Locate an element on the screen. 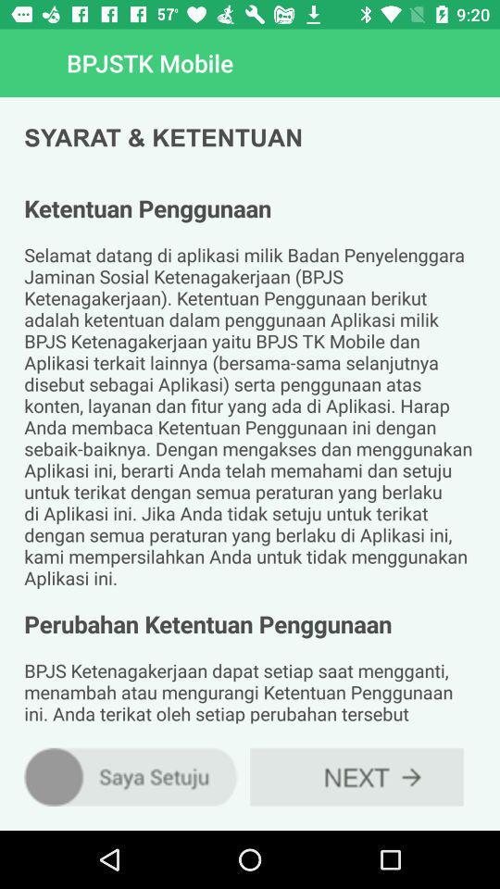 This screenshot has width=500, height=889. the item below the ketentuan penggunaan selamat icon is located at coordinates (356, 777).